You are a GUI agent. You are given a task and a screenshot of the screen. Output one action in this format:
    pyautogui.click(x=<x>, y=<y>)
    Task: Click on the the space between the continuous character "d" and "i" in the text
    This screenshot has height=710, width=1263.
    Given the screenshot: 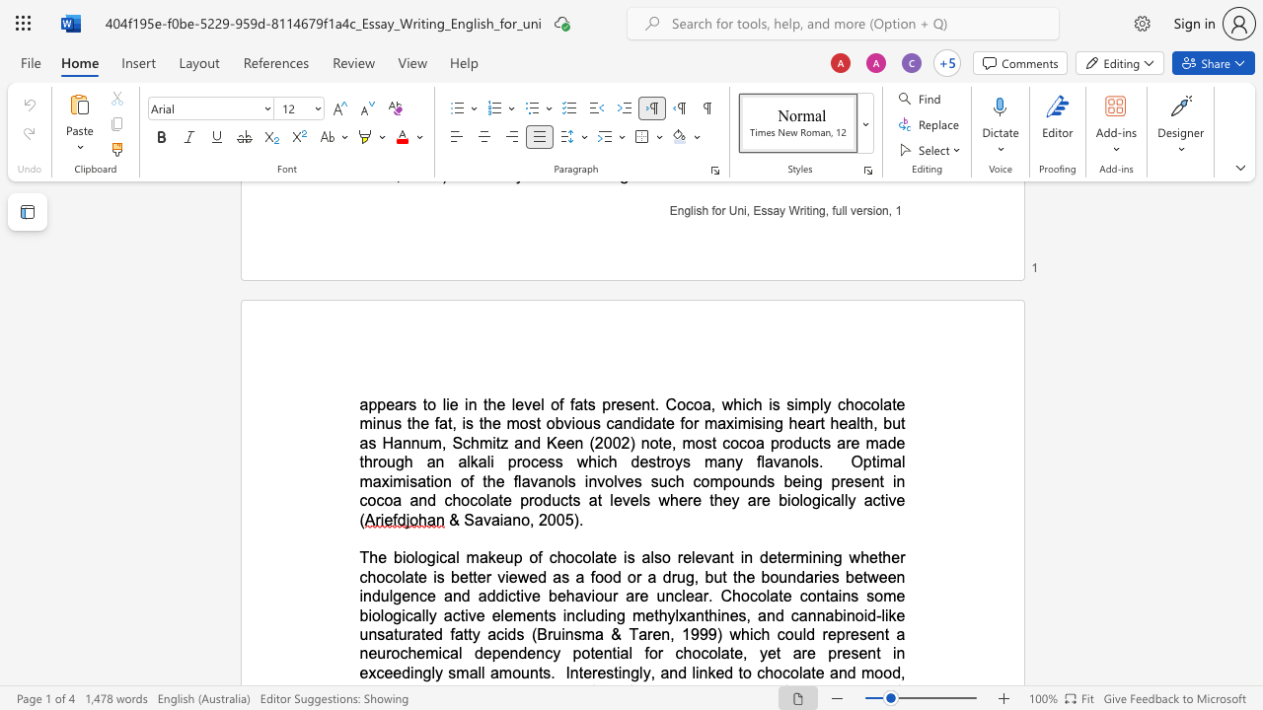 What is the action you would take?
    pyautogui.click(x=602, y=614)
    